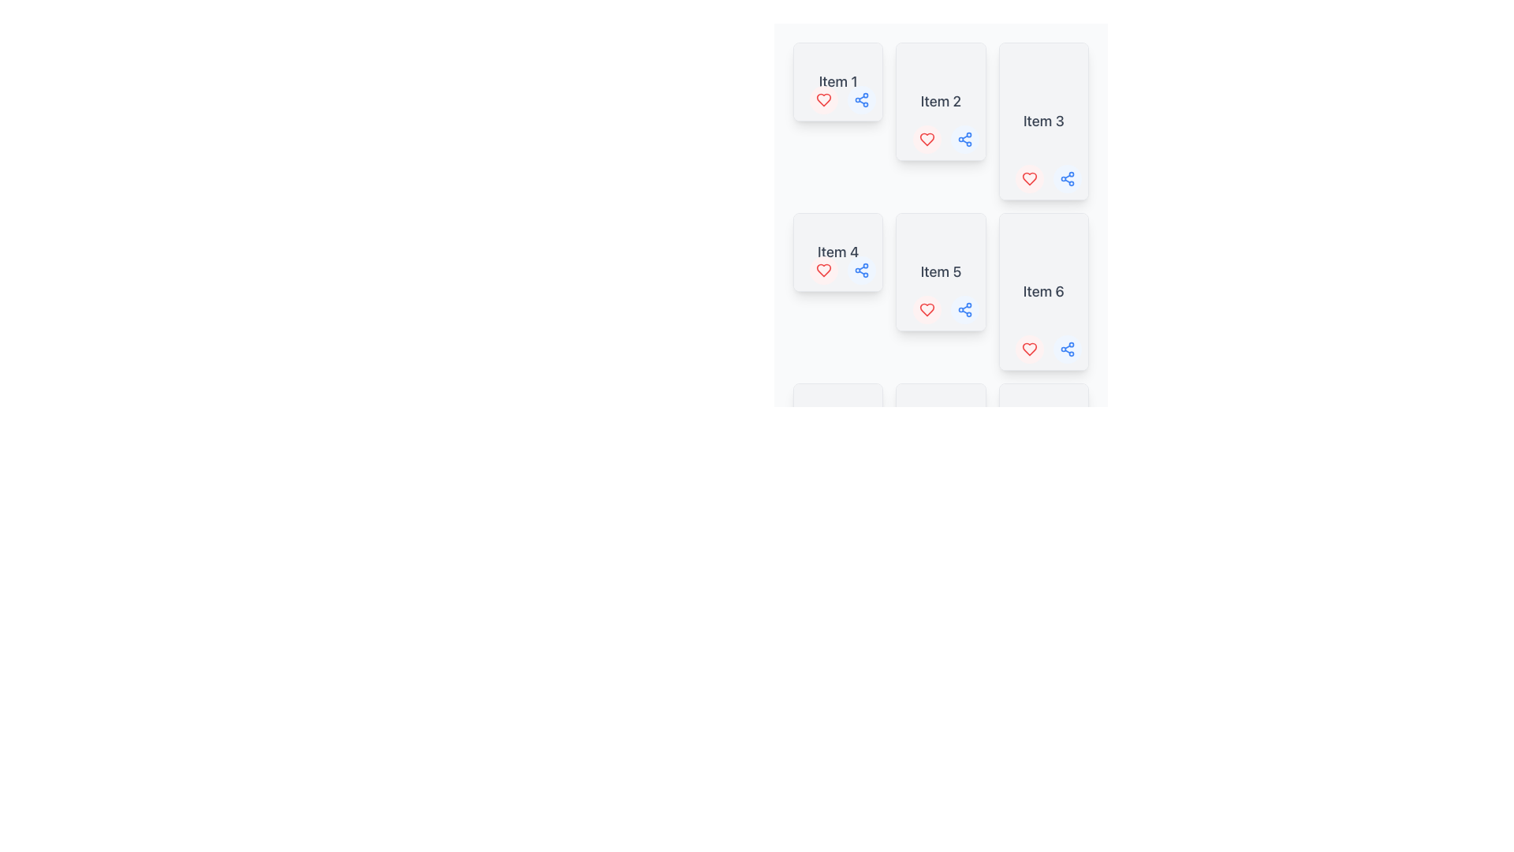  What do you see at coordinates (1029, 178) in the screenshot?
I see `the heart-shaped icon in red color located in the bottom-right corner of the card labeled 'Item 3' to like the item` at bounding box center [1029, 178].